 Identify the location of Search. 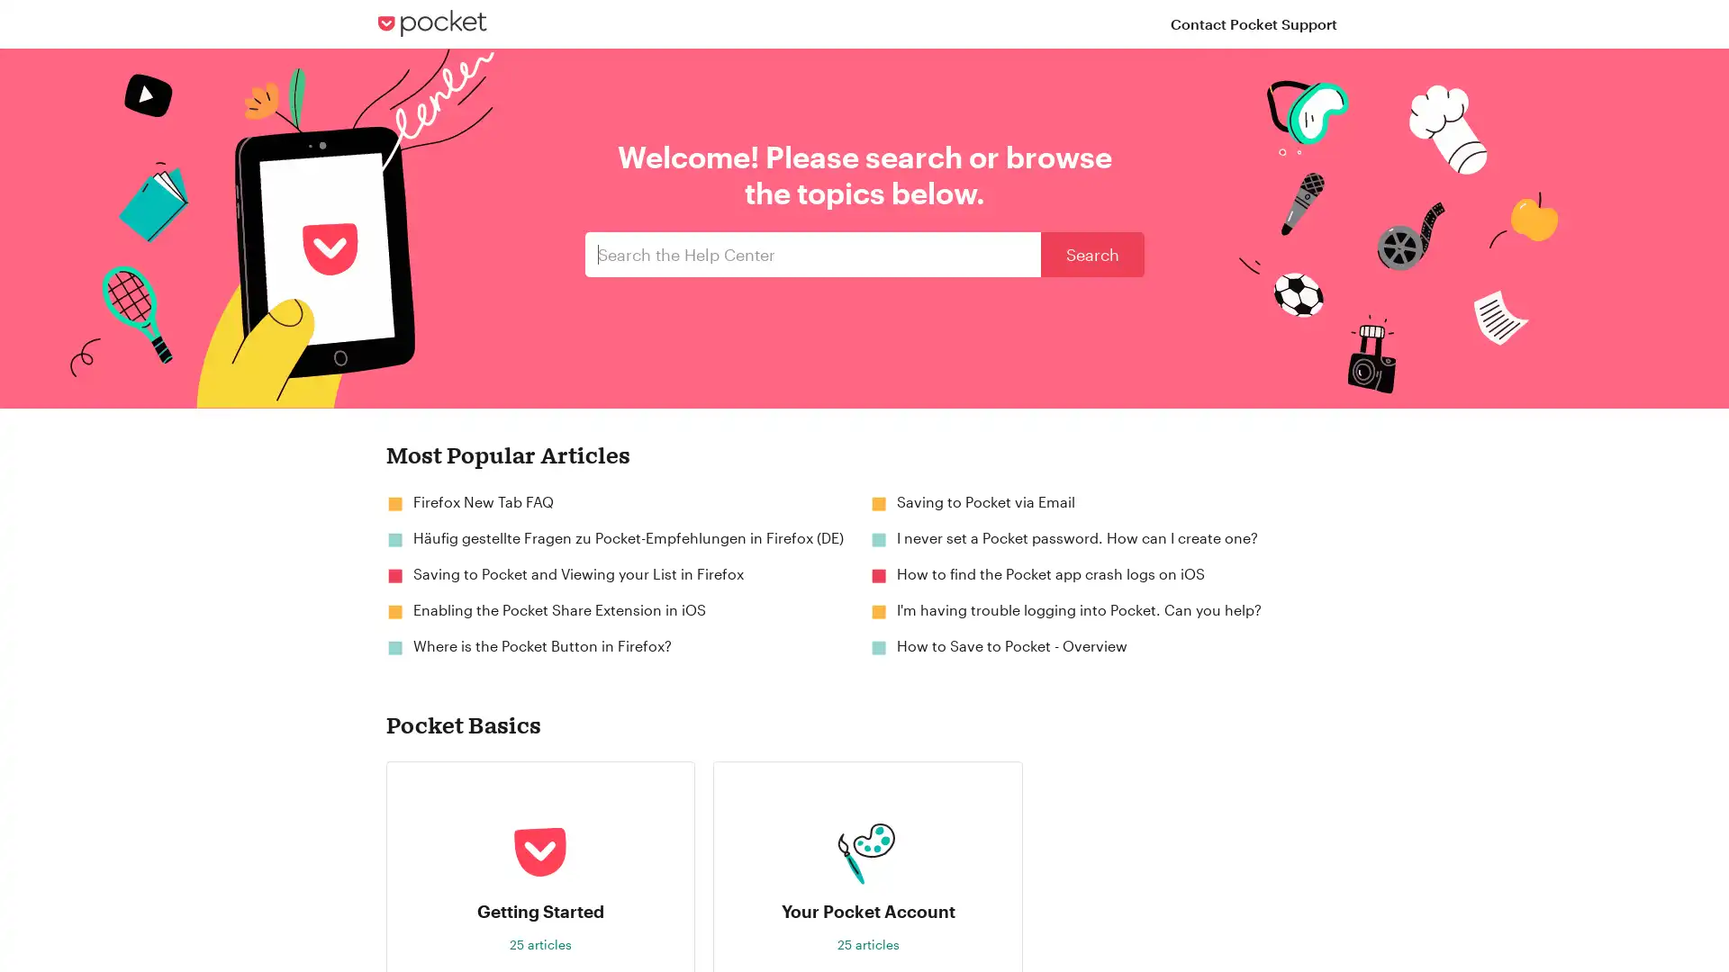
(1091, 254).